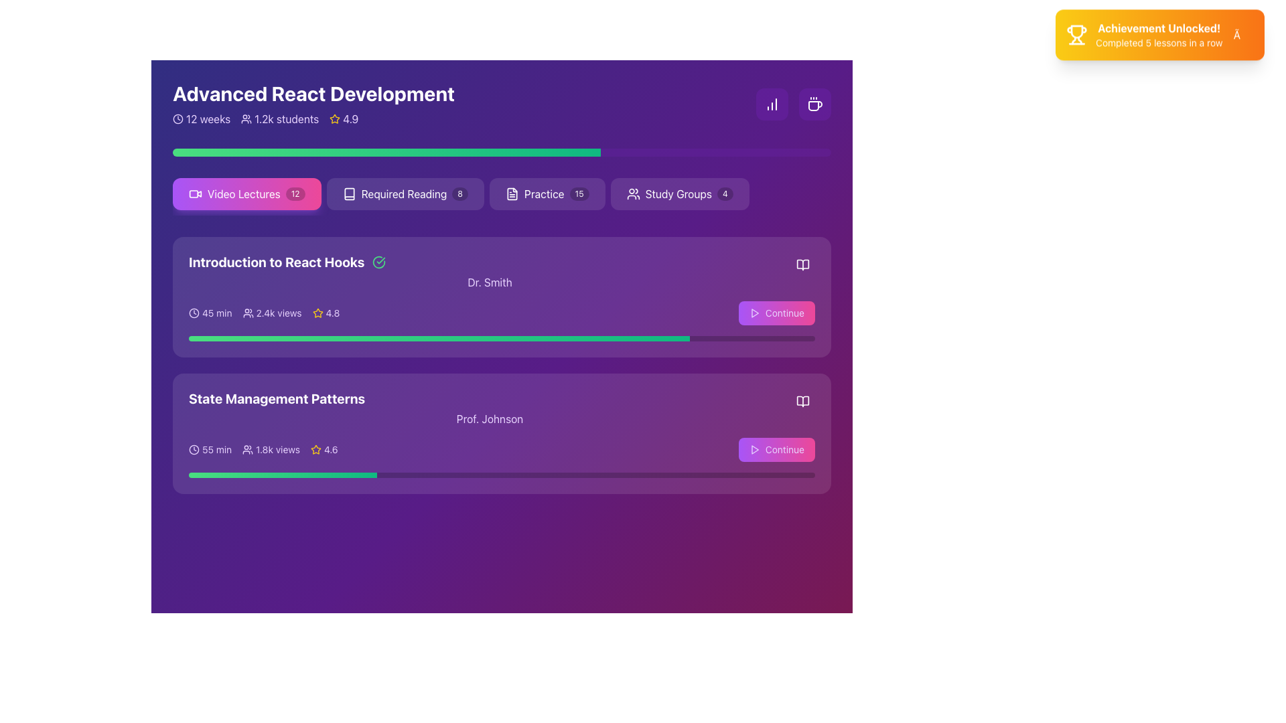  What do you see at coordinates (210, 313) in the screenshot?
I see `the Label with an icon indicating the duration of the lecture in the 'Introduction to React Hooks' section` at bounding box center [210, 313].